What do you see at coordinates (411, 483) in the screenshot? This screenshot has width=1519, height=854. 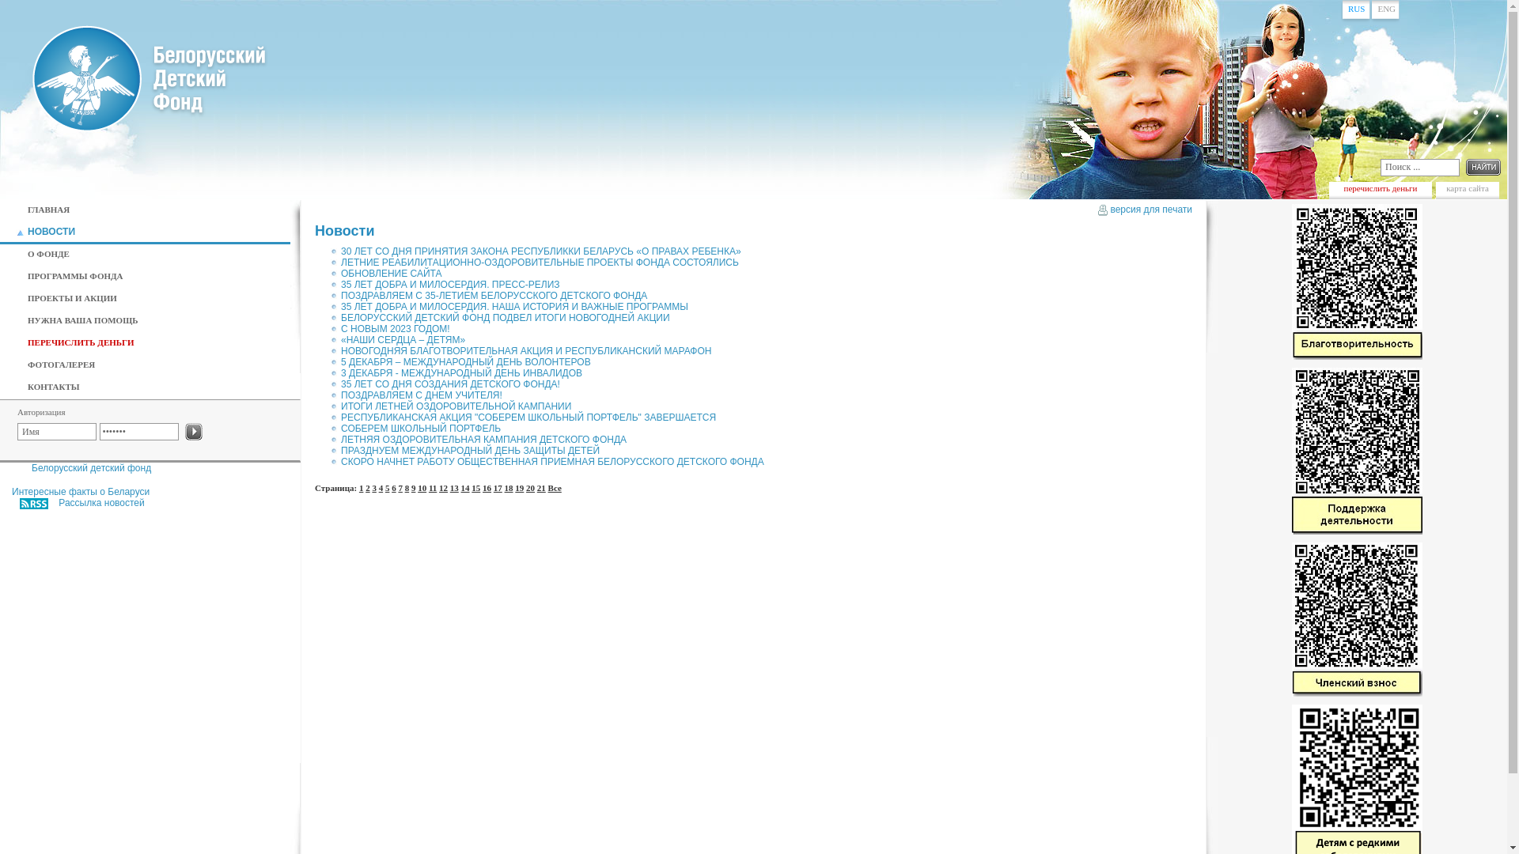 I see `'9'` at bounding box center [411, 483].